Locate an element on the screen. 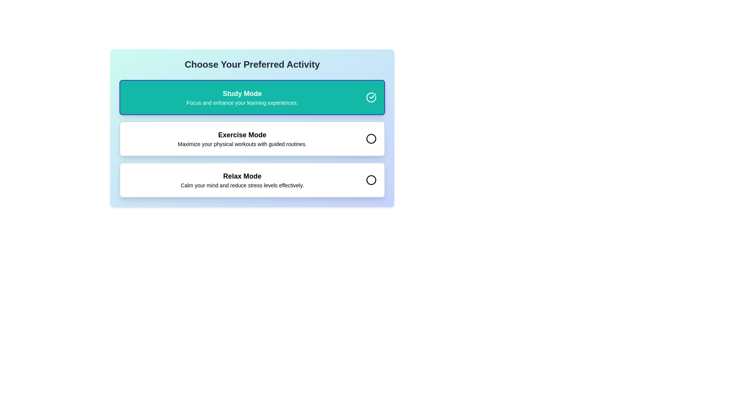  the circular icon with a teal background and a checkmark, located next to the 'Study Mode' text is located at coordinates (371, 97).